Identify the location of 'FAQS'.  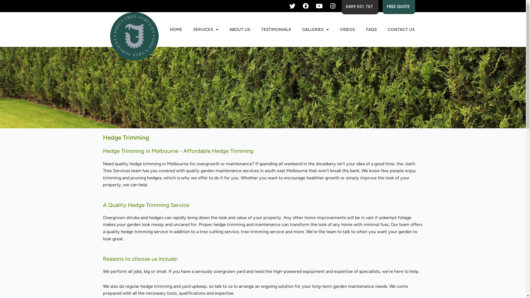
(371, 30).